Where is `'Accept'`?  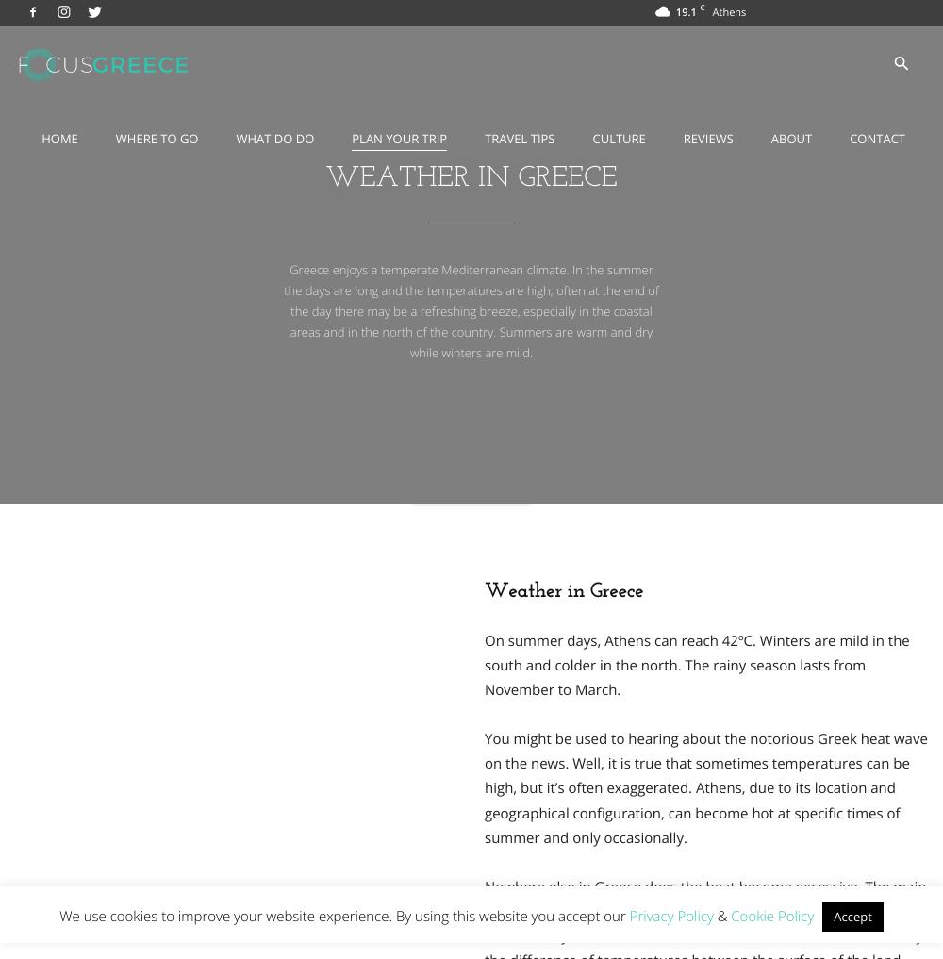
'Accept' is located at coordinates (852, 917).